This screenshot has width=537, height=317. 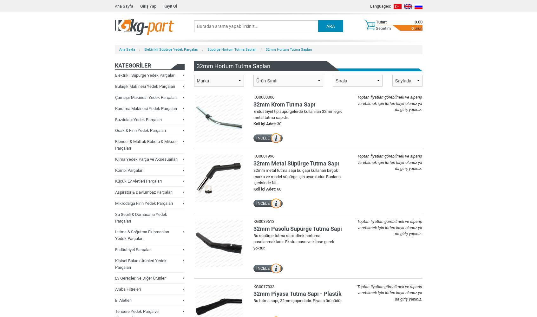 What do you see at coordinates (418, 22) in the screenshot?
I see `'0.00'` at bounding box center [418, 22].